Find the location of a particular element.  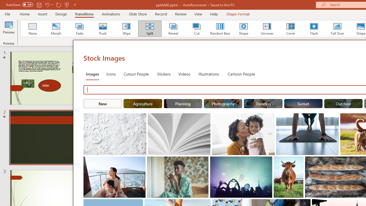

'Wipe' is located at coordinates (126, 29).